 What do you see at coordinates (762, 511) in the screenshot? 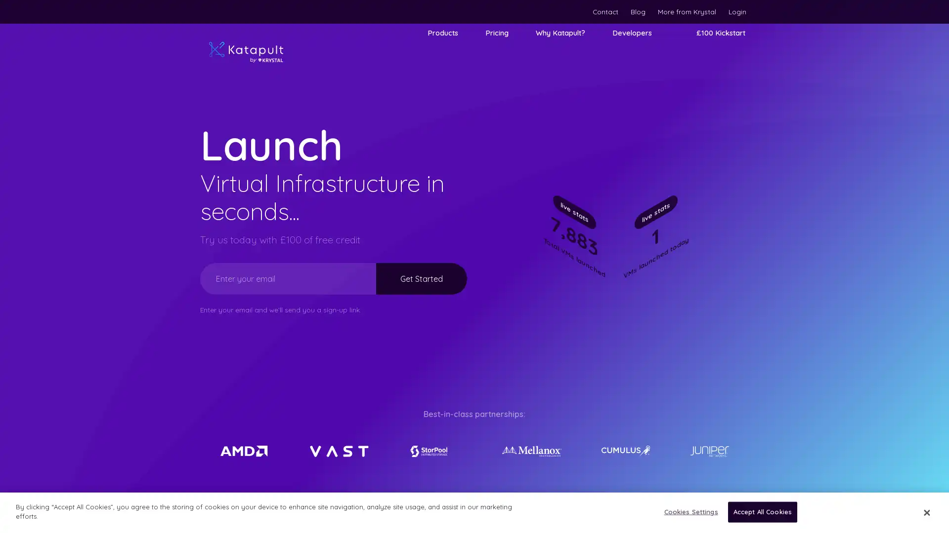
I see `Accept All Cookies` at bounding box center [762, 511].